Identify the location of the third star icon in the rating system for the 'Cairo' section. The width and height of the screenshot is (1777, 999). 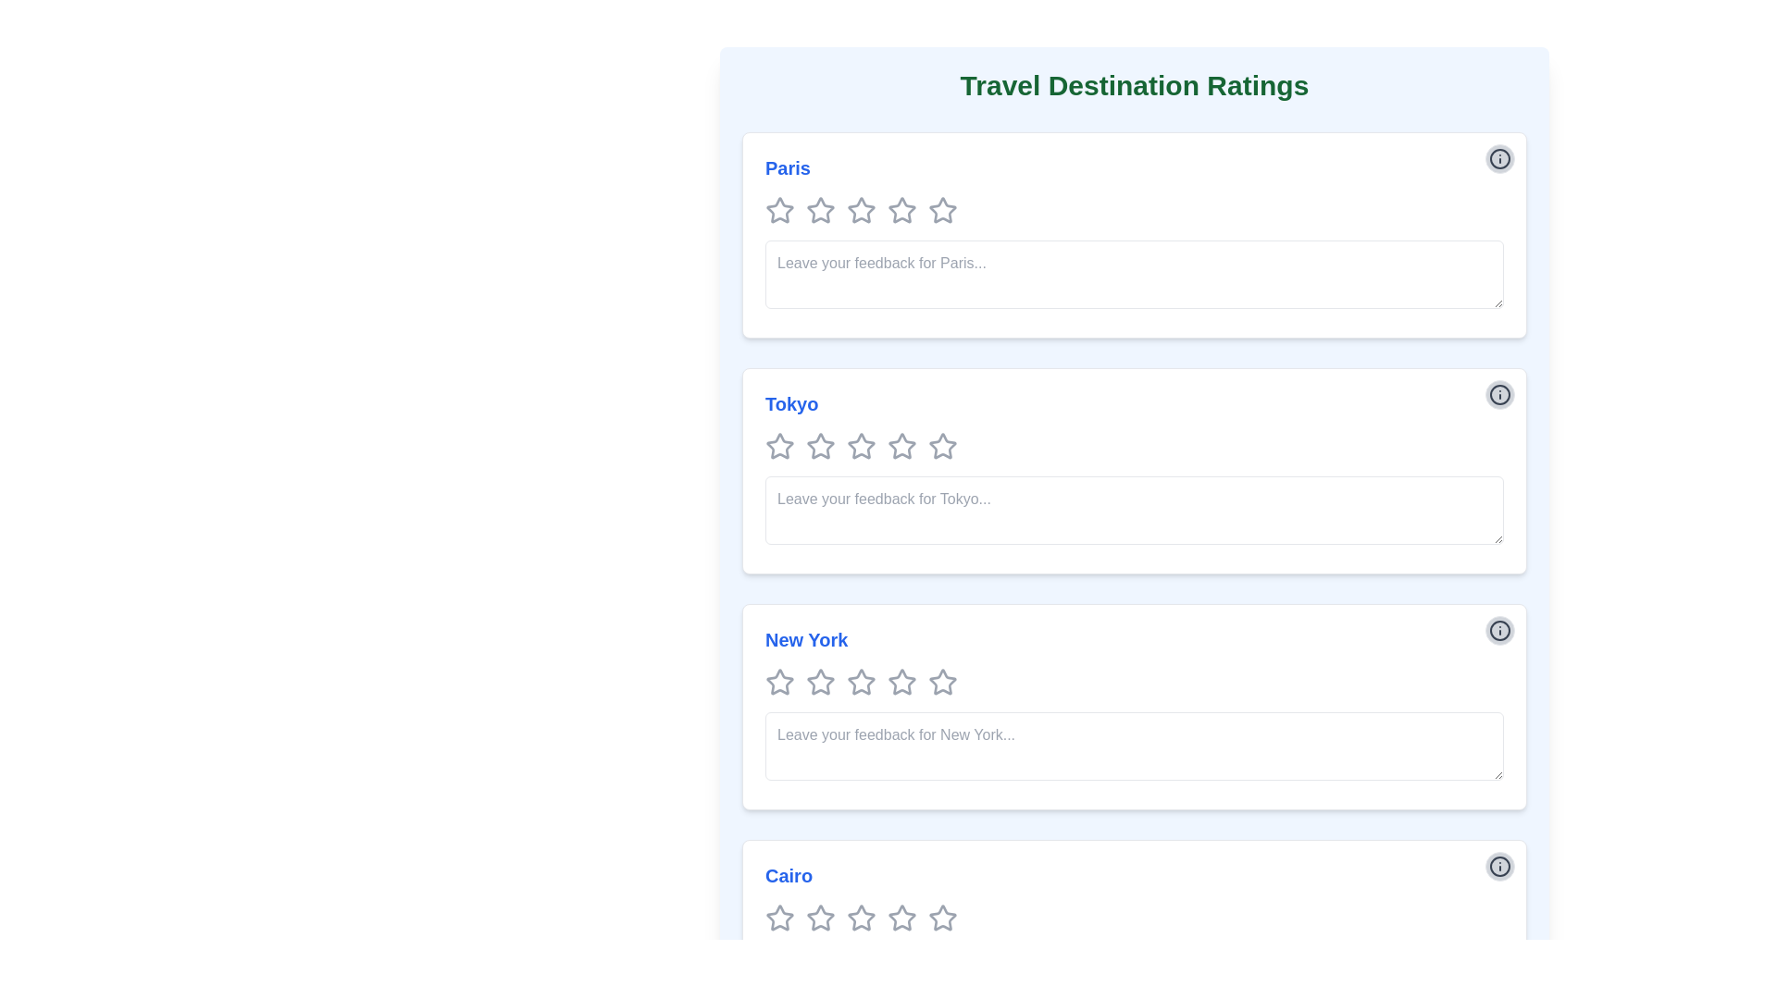
(820, 918).